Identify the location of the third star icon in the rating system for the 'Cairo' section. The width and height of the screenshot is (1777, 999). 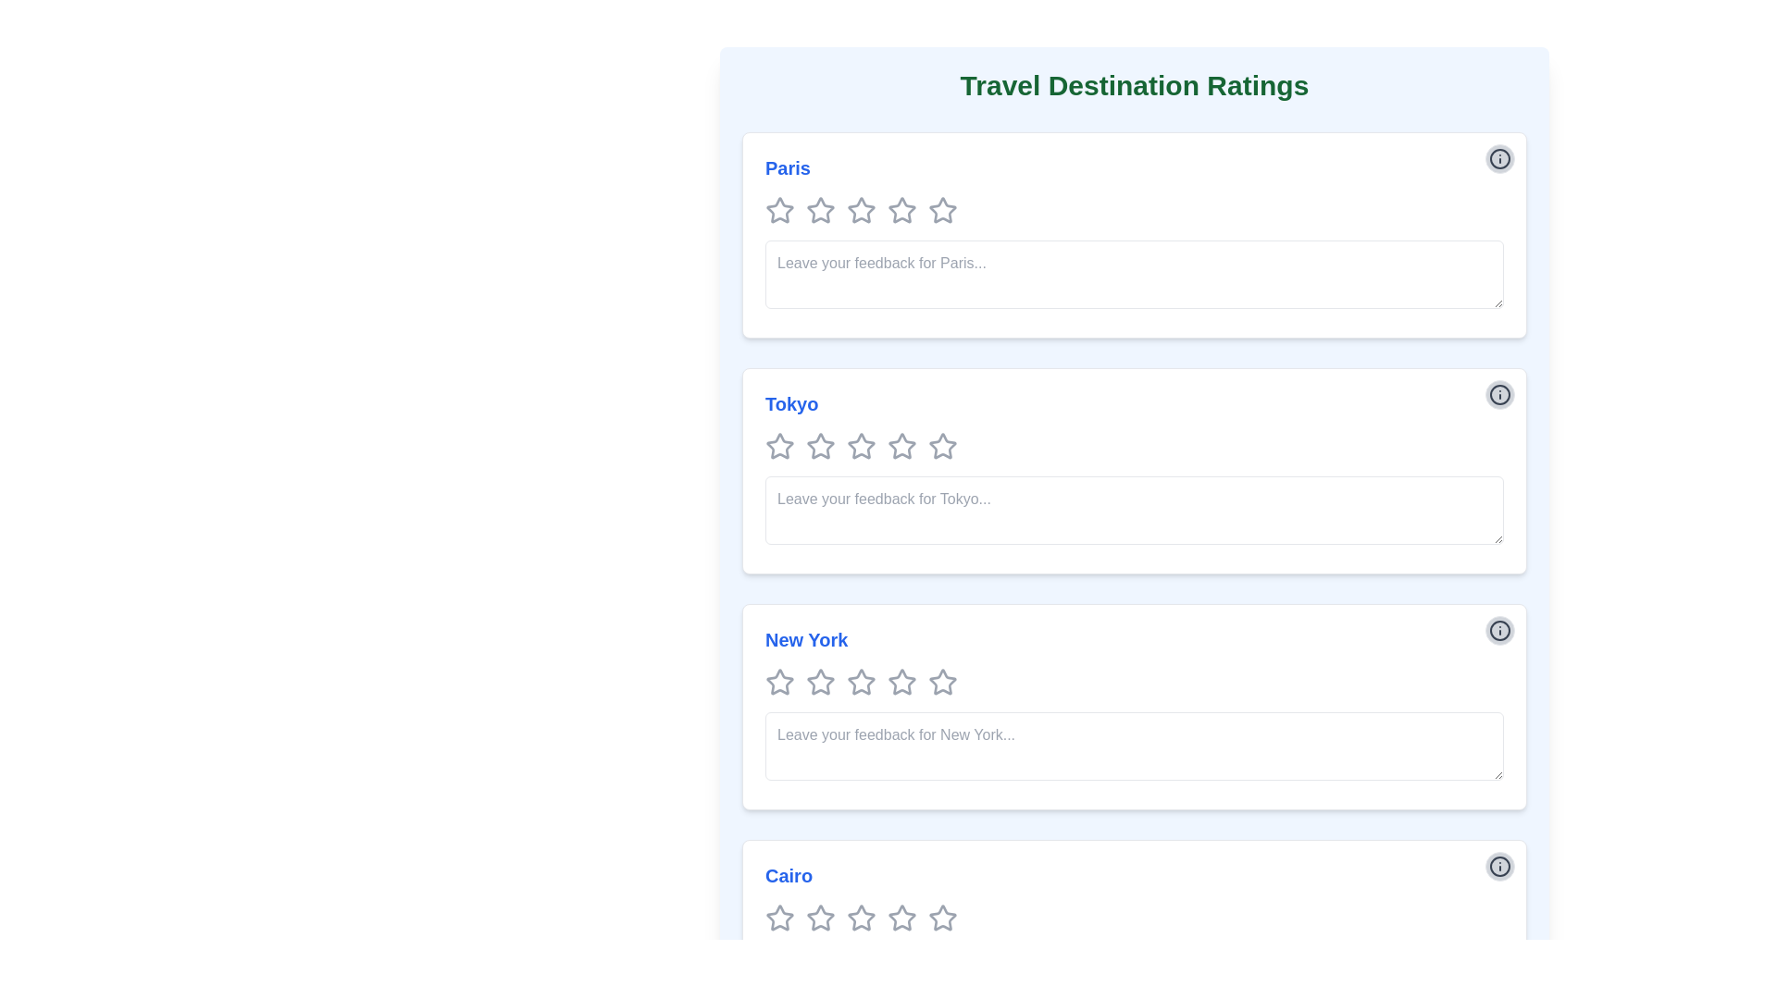
(820, 918).